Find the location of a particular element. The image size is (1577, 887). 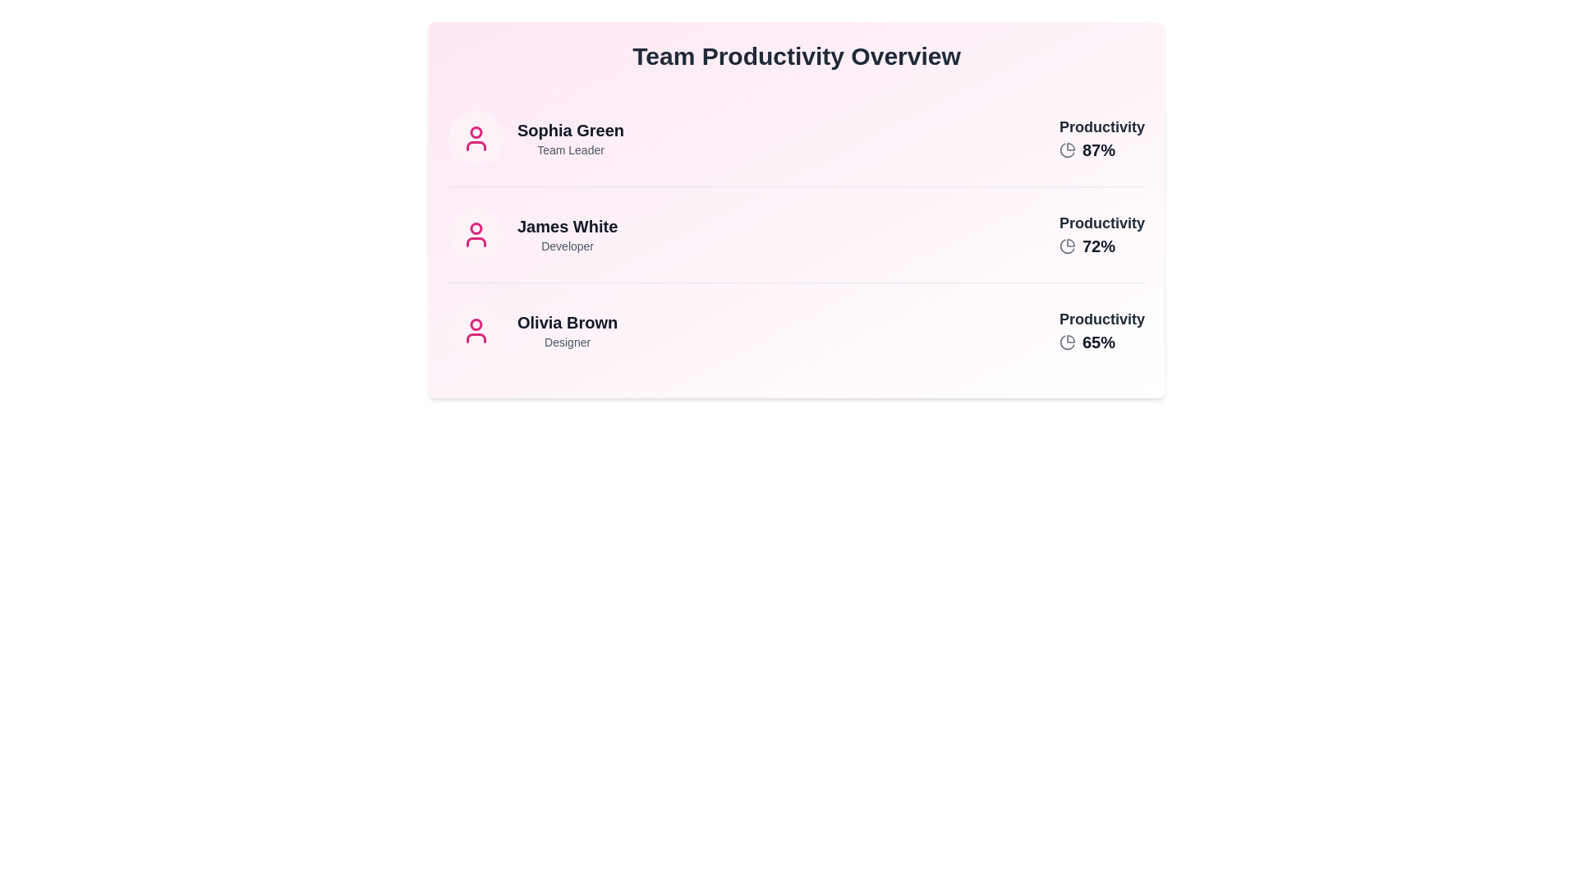

the circular icon with a pink background and user symbol, located in the second row next to 'James White' is located at coordinates (476, 234).